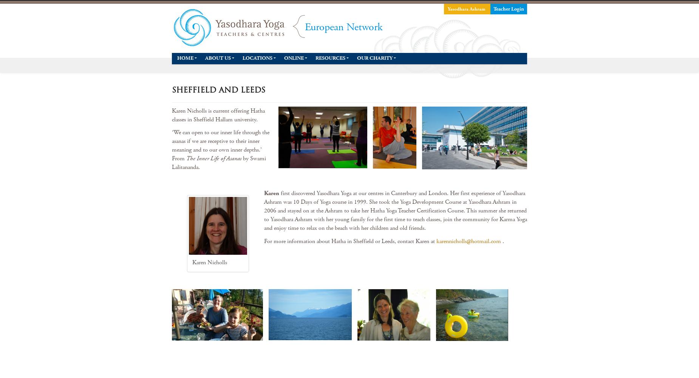 This screenshot has height=378, width=699. What do you see at coordinates (468, 241) in the screenshot?
I see `'karennicholls@hotmail.com'` at bounding box center [468, 241].